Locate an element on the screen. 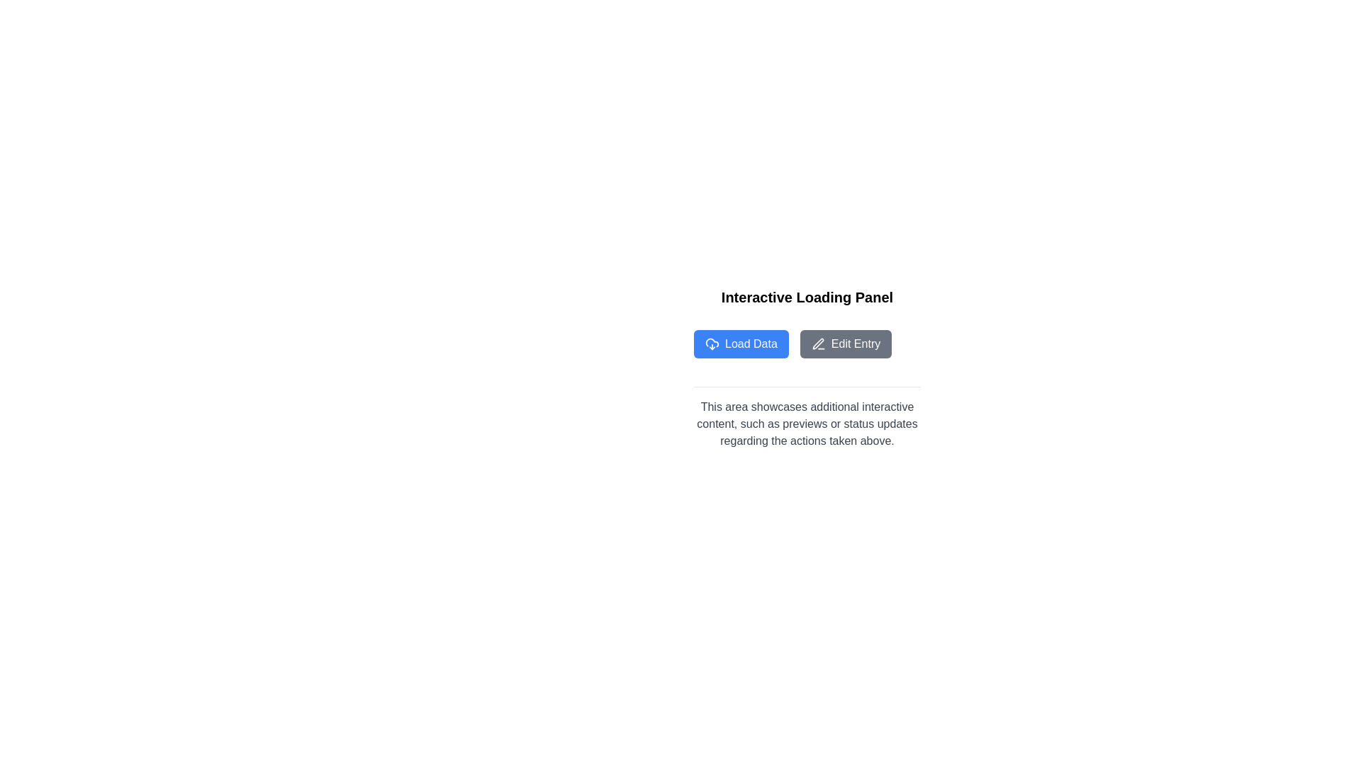 Image resolution: width=1361 pixels, height=765 pixels. the download/loading icon within the blue 'Load Data' button located in the top-left corner of the interactive panel is located at coordinates (712, 344).